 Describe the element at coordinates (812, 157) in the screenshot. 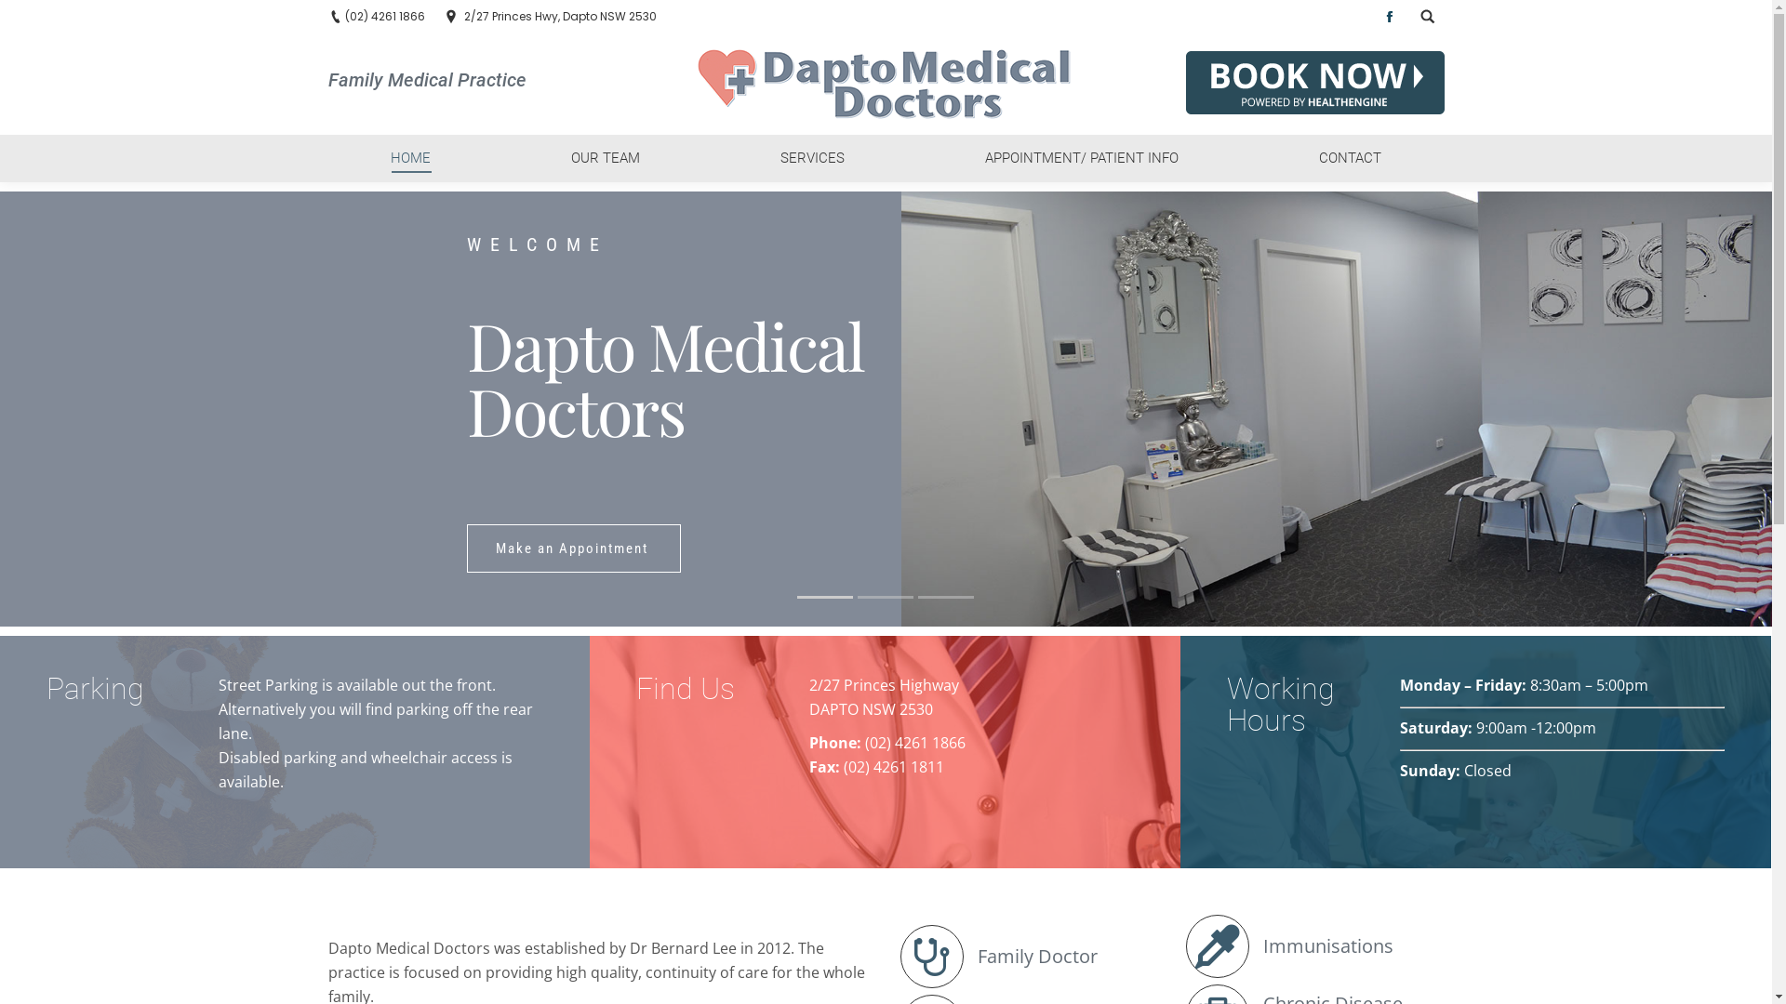

I see `'SERVICES'` at that location.